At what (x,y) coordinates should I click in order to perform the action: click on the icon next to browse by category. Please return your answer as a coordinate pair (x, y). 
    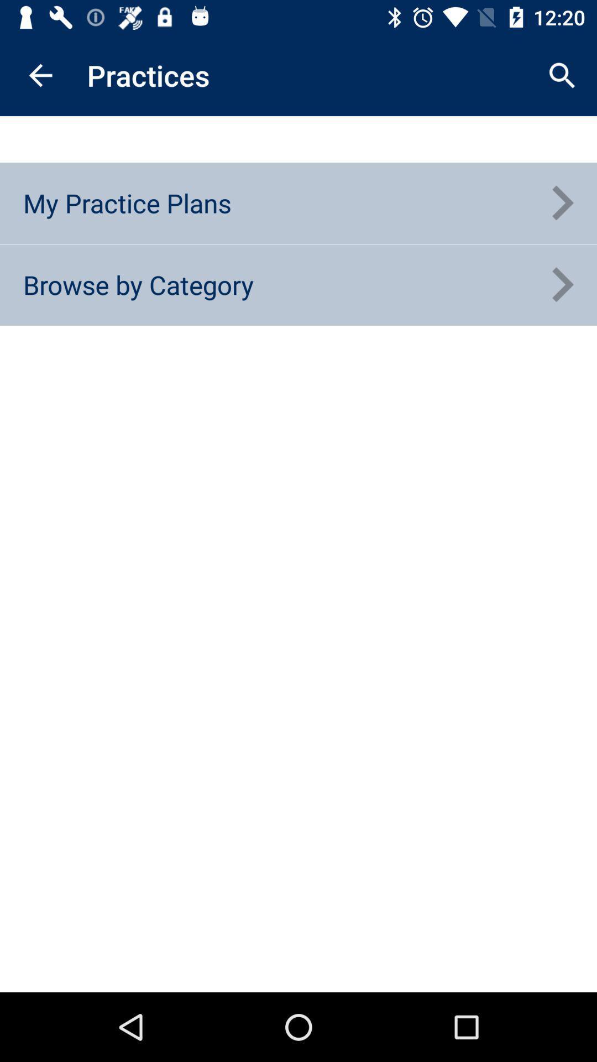
    Looking at the image, I should click on (562, 285).